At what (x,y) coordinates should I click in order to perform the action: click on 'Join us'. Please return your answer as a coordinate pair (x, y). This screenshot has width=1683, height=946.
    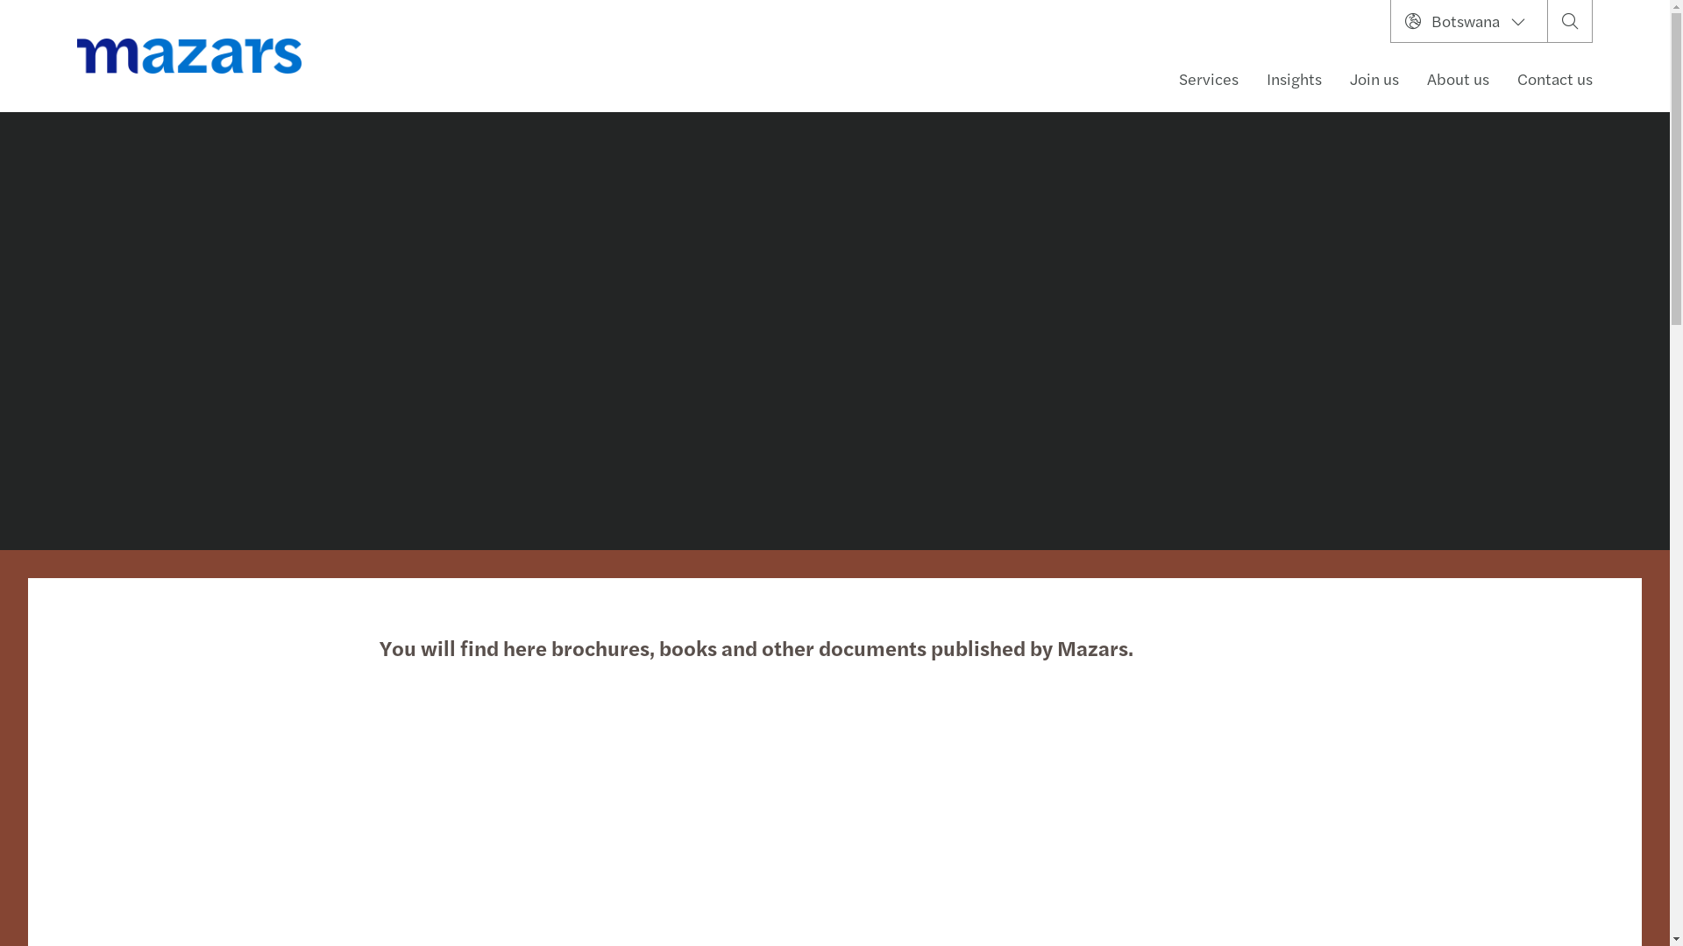
    Looking at the image, I should click on (1374, 77).